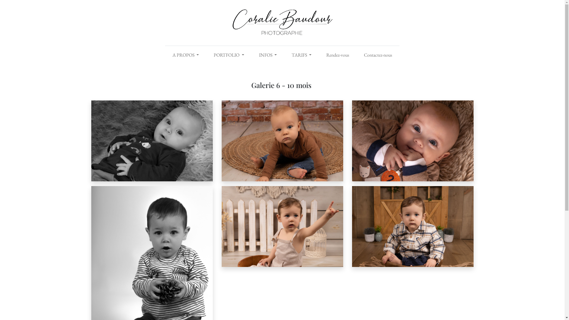 The image size is (569, 320). I want to click on 'INFOS', so click(251, 55).